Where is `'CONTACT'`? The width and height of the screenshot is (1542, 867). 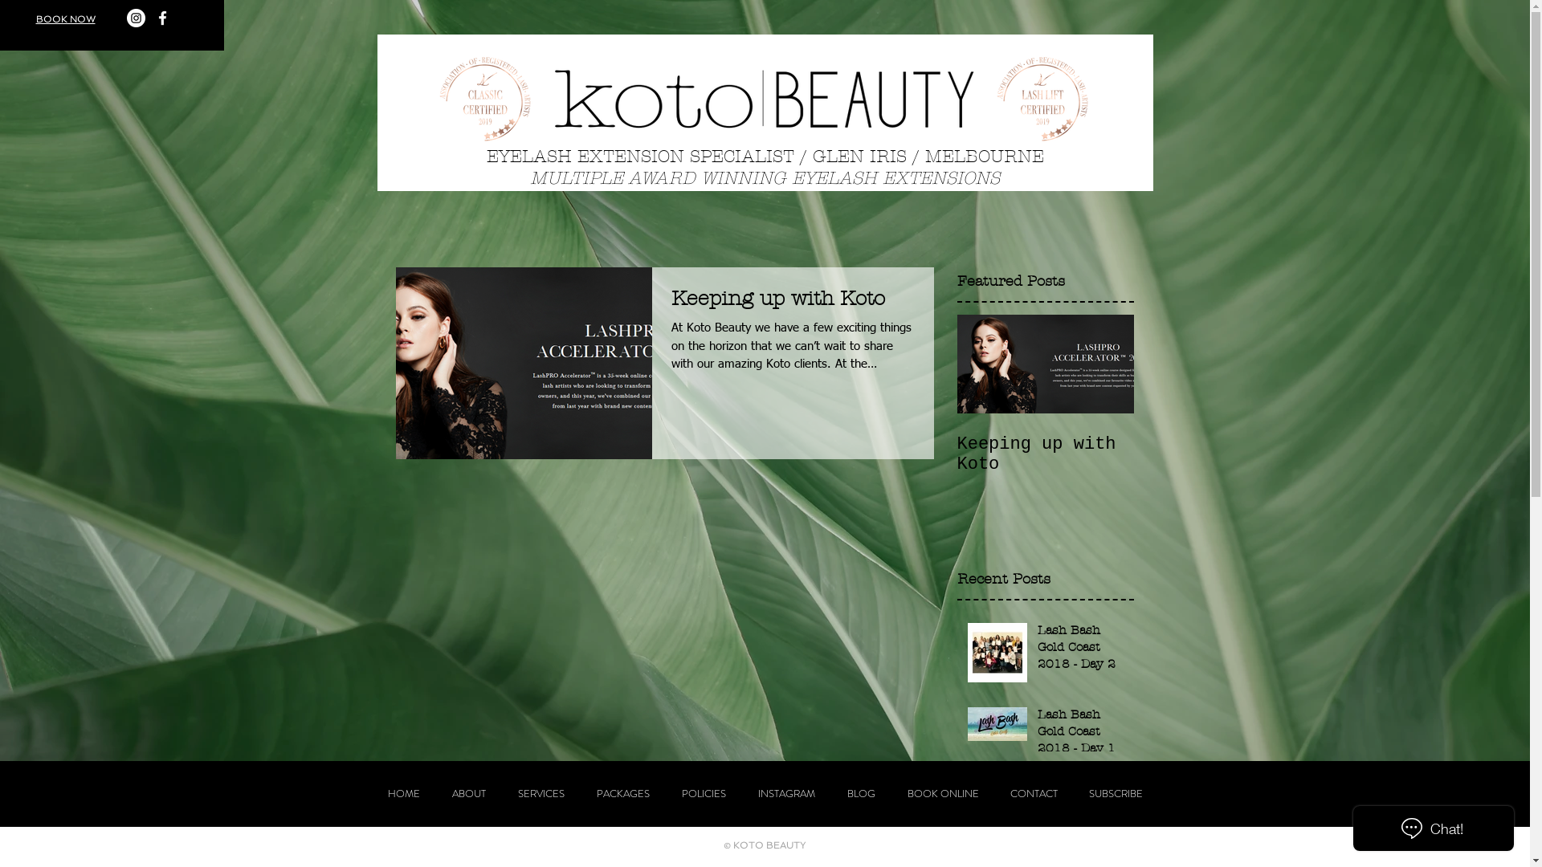 'CONTACT' is located at coordinates (1033, 792).